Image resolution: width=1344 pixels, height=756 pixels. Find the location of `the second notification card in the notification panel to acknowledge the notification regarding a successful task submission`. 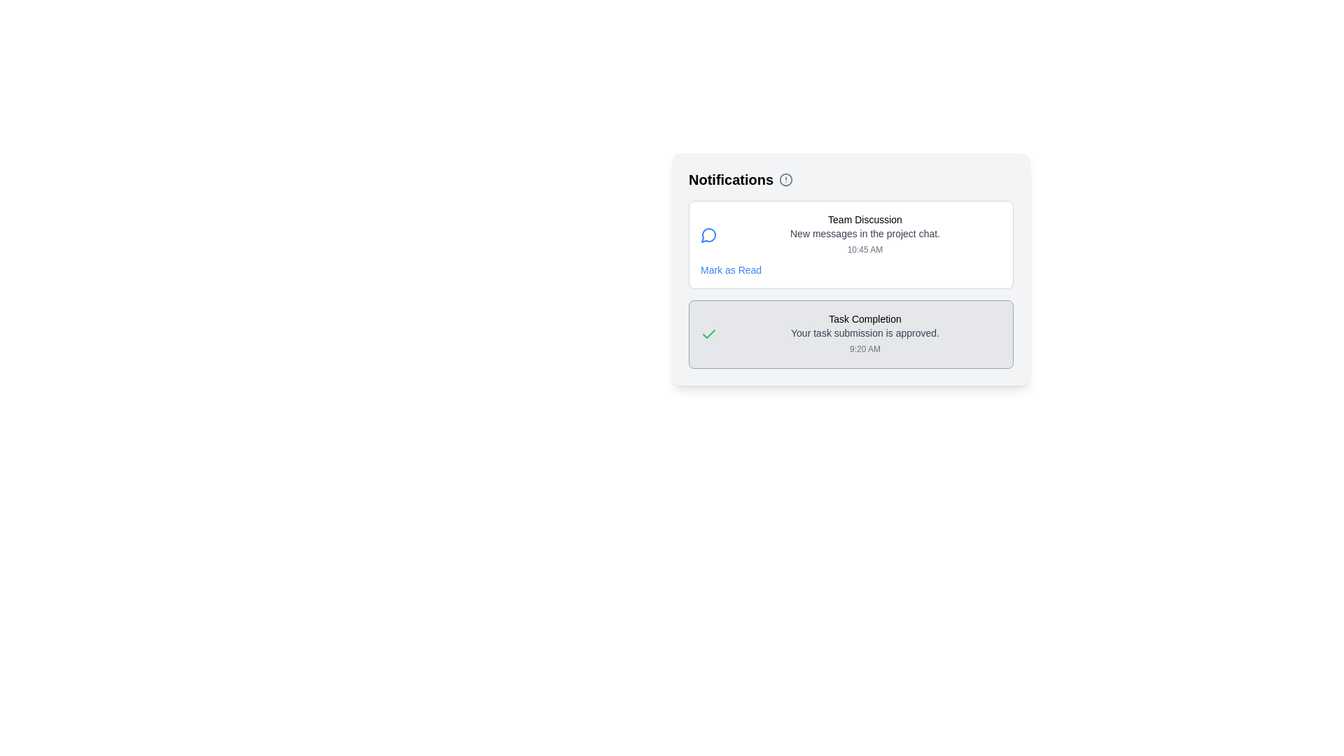

the second notification card in the notification panel to acknowledge the notification regarding a successful task submission is located at coordinates (850, 335).